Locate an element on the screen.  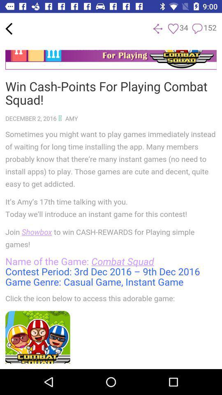
back is located at coordinates (8, 28).